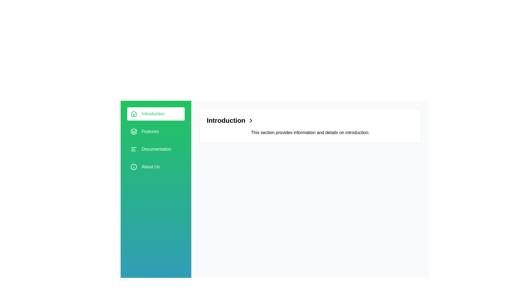 This screenshot has width=530, height=298. What do you see at coordinates (134, 149) in the screenshot?
I see `the small icon resembling a text alignment or list formatting icon located to the left of the 'Documentation' text in the sidebar` at bounding box center [134, 149].